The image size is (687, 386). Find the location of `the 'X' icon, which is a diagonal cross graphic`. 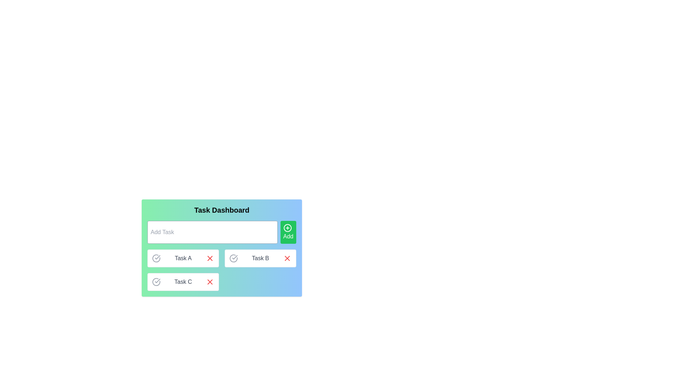

the 'X' icon, which is a diagonal cross graphic is located at coordinates (209, 282).